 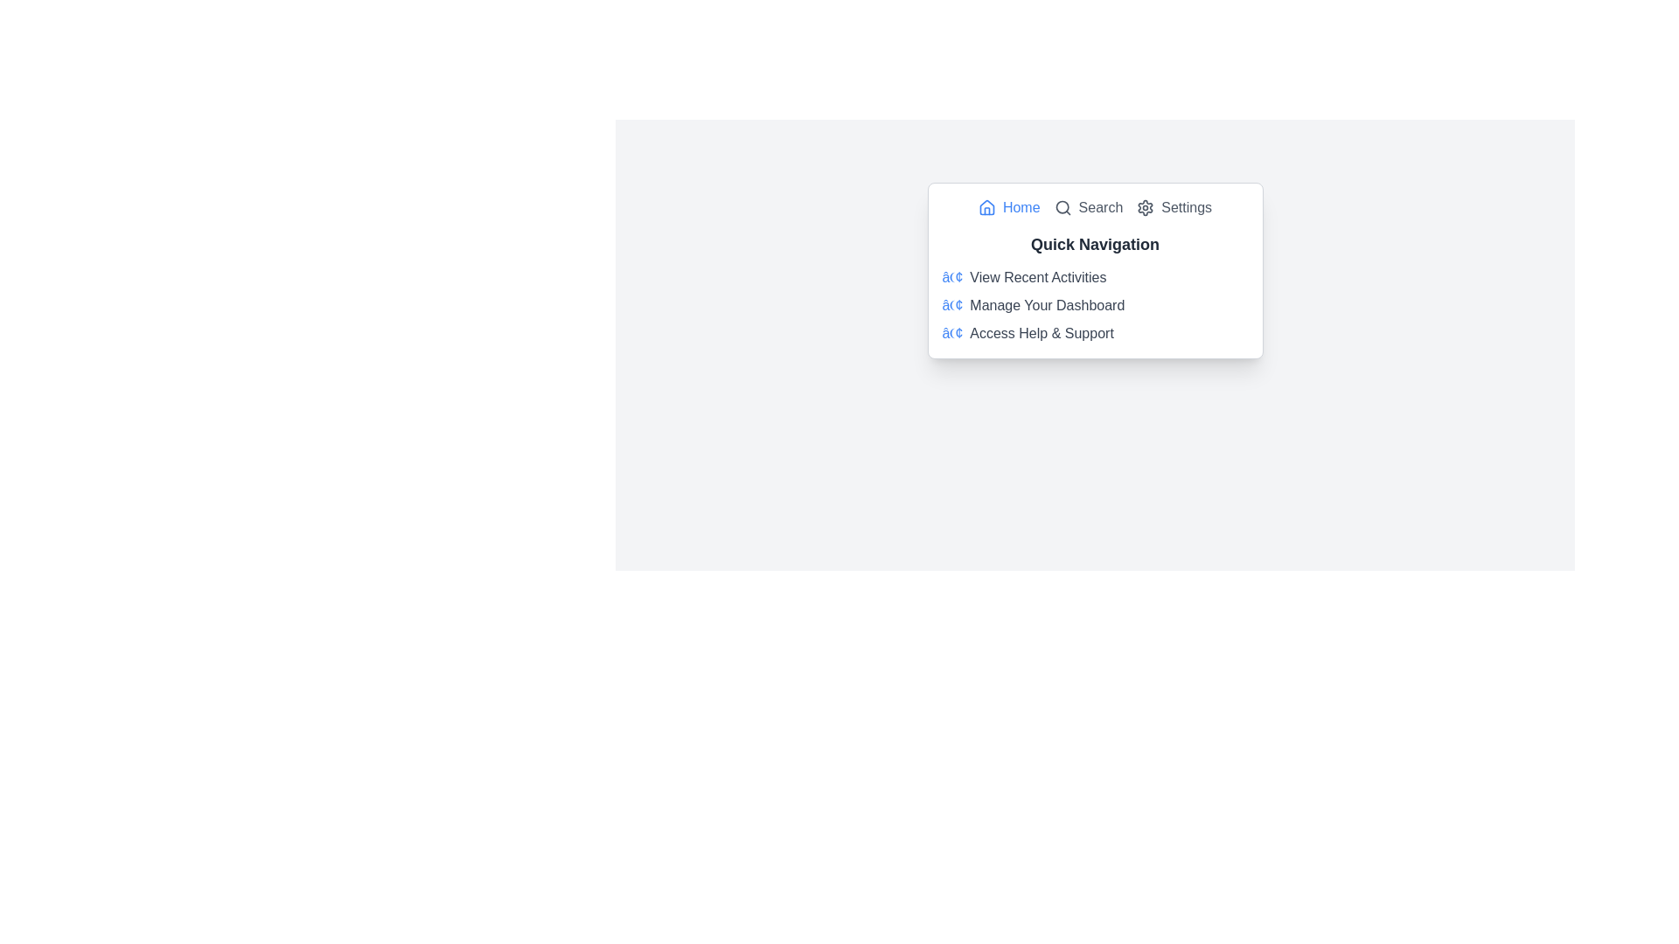 I want to click on the settings button located on the right side of the horizontal navigation bar at the top of the panel, so click(x=1174, y=207).